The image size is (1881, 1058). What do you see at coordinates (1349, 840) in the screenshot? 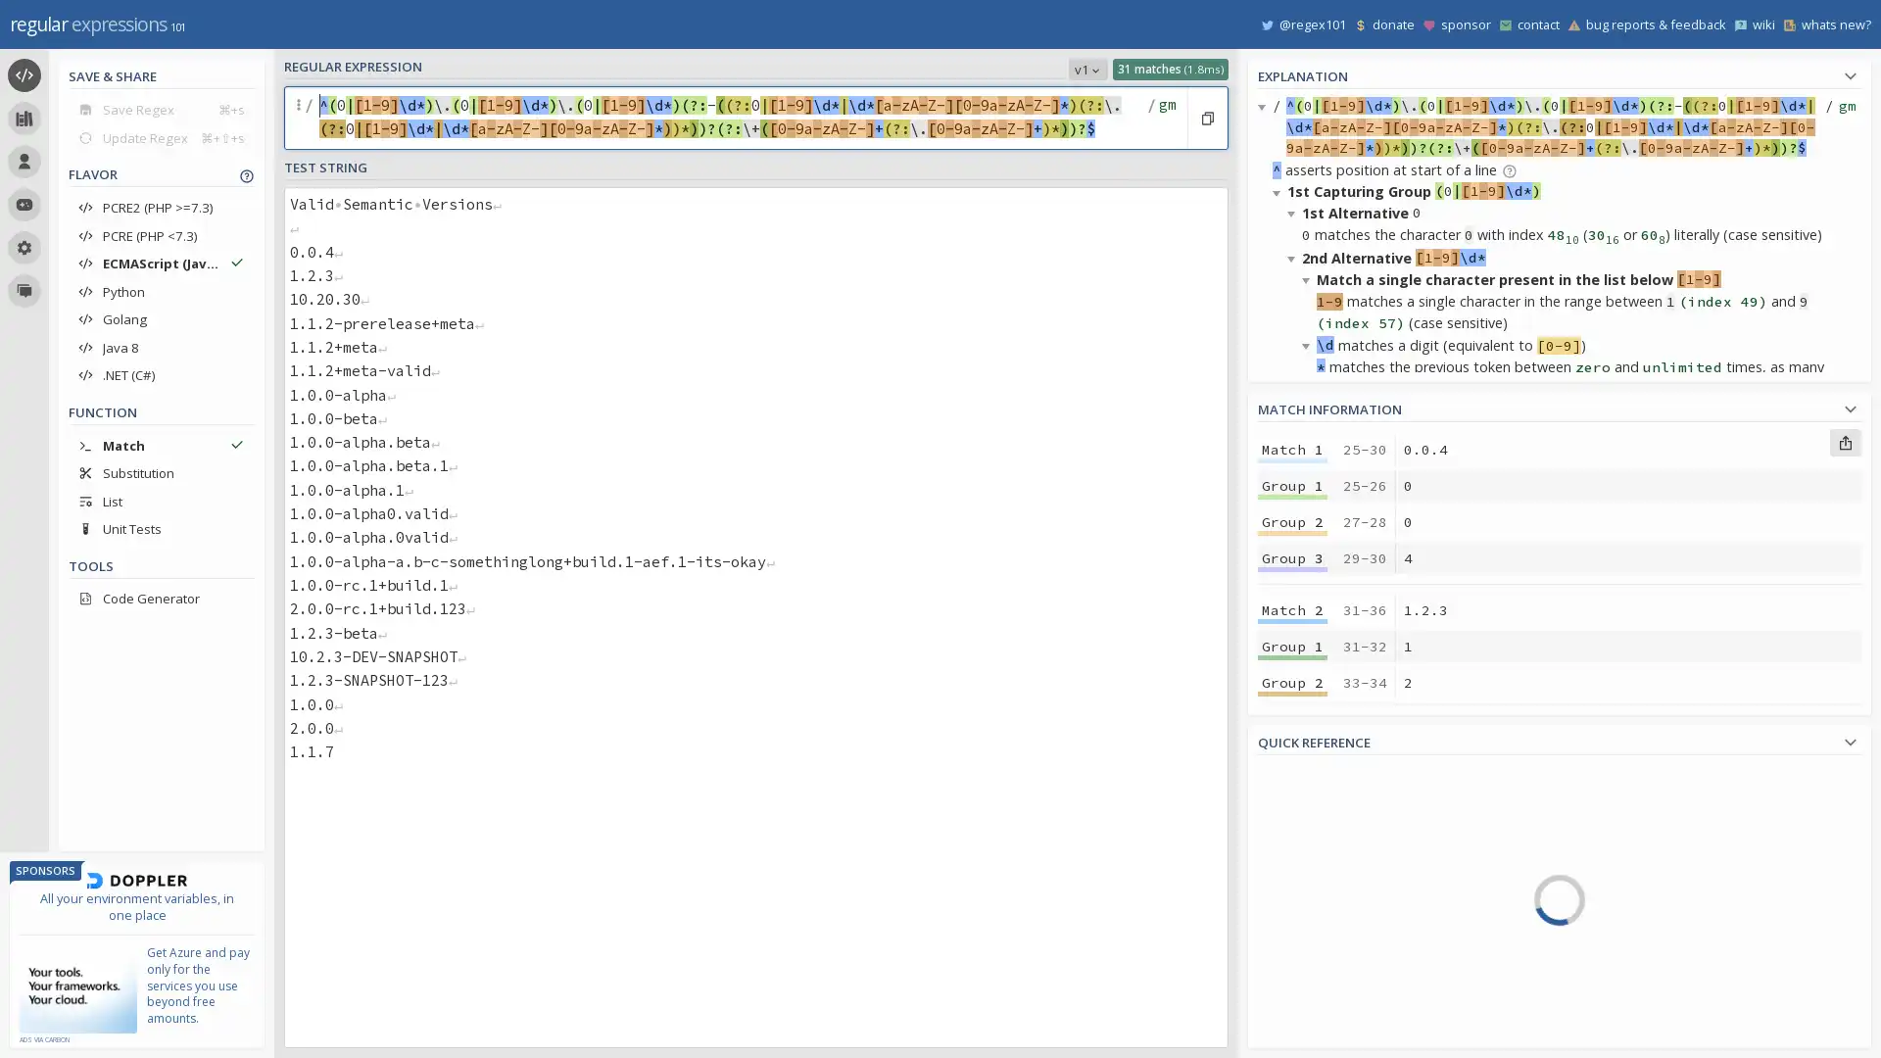
I see `Common Tokens` at bounding box center [1349, 840].